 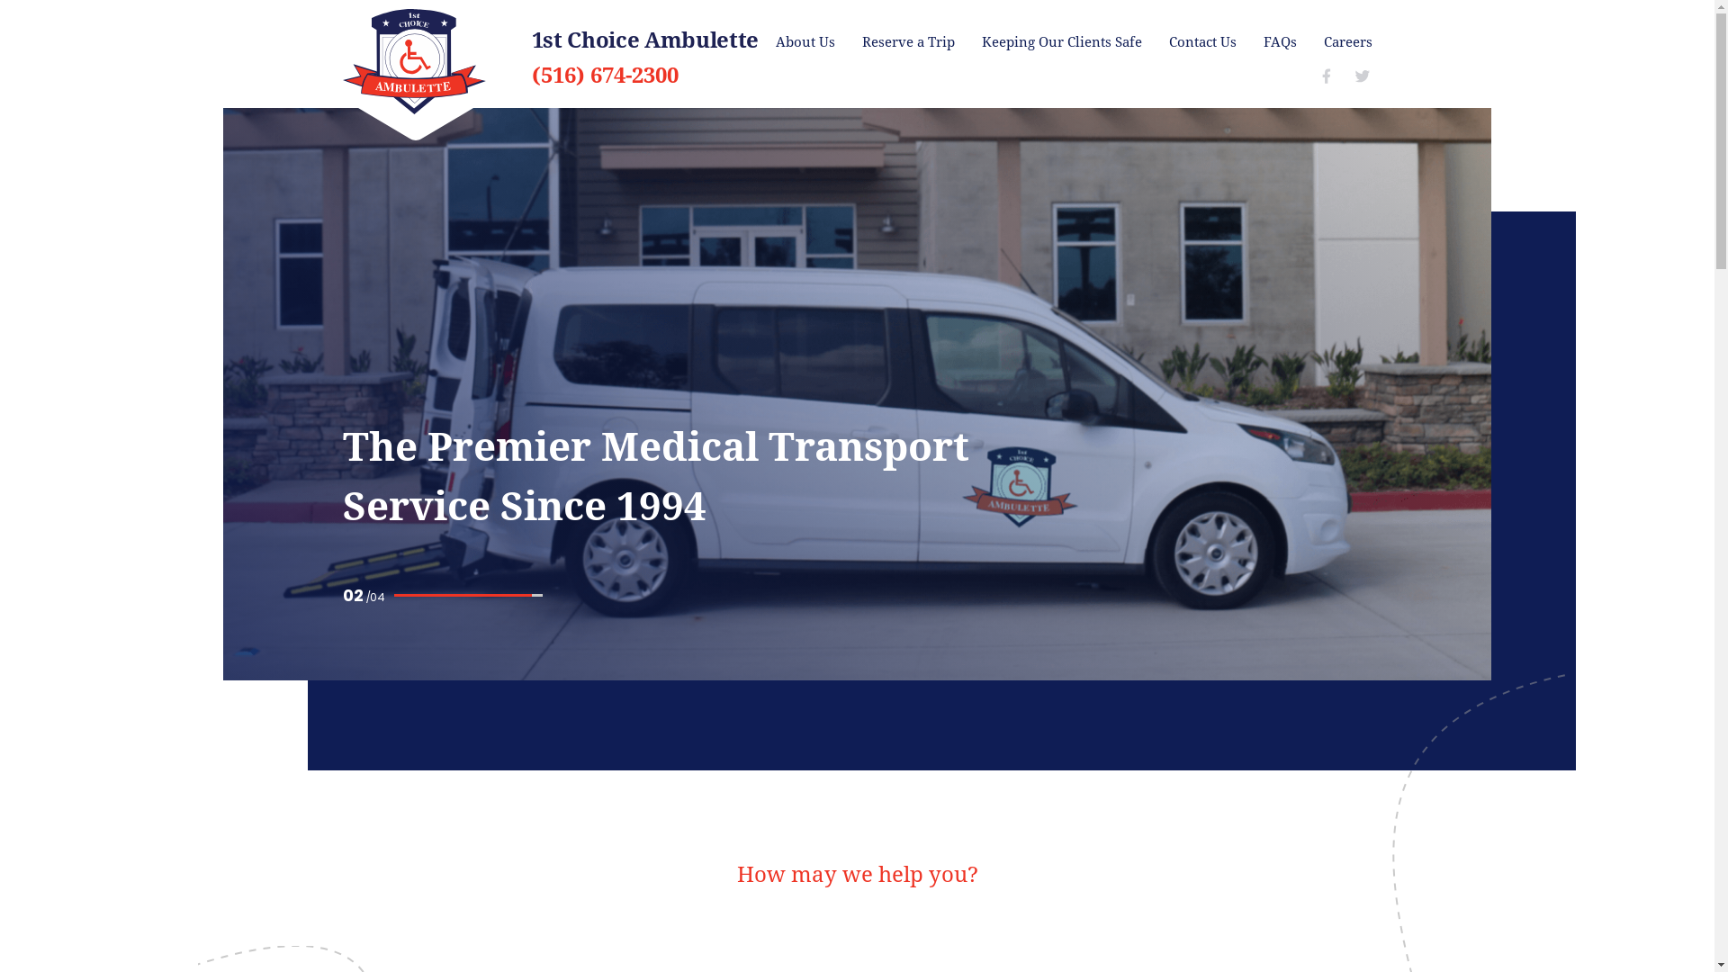 What do you see at coordinates (1279, 40) in the screenshot?
I see `'FAQs'` at bounding box center [1279, 40].